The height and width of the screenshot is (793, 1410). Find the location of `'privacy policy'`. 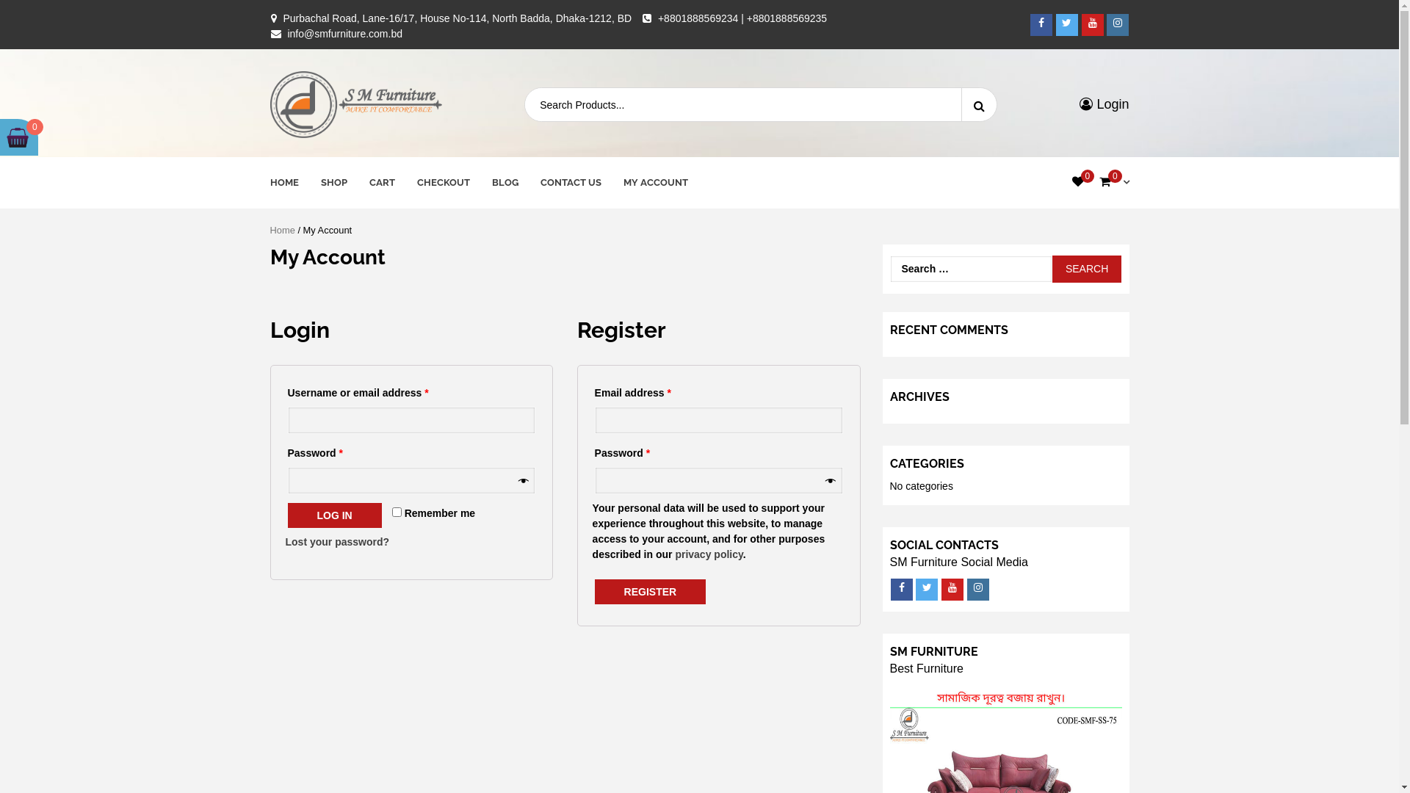

'privacy policy' is located at coordinates (673, 554).